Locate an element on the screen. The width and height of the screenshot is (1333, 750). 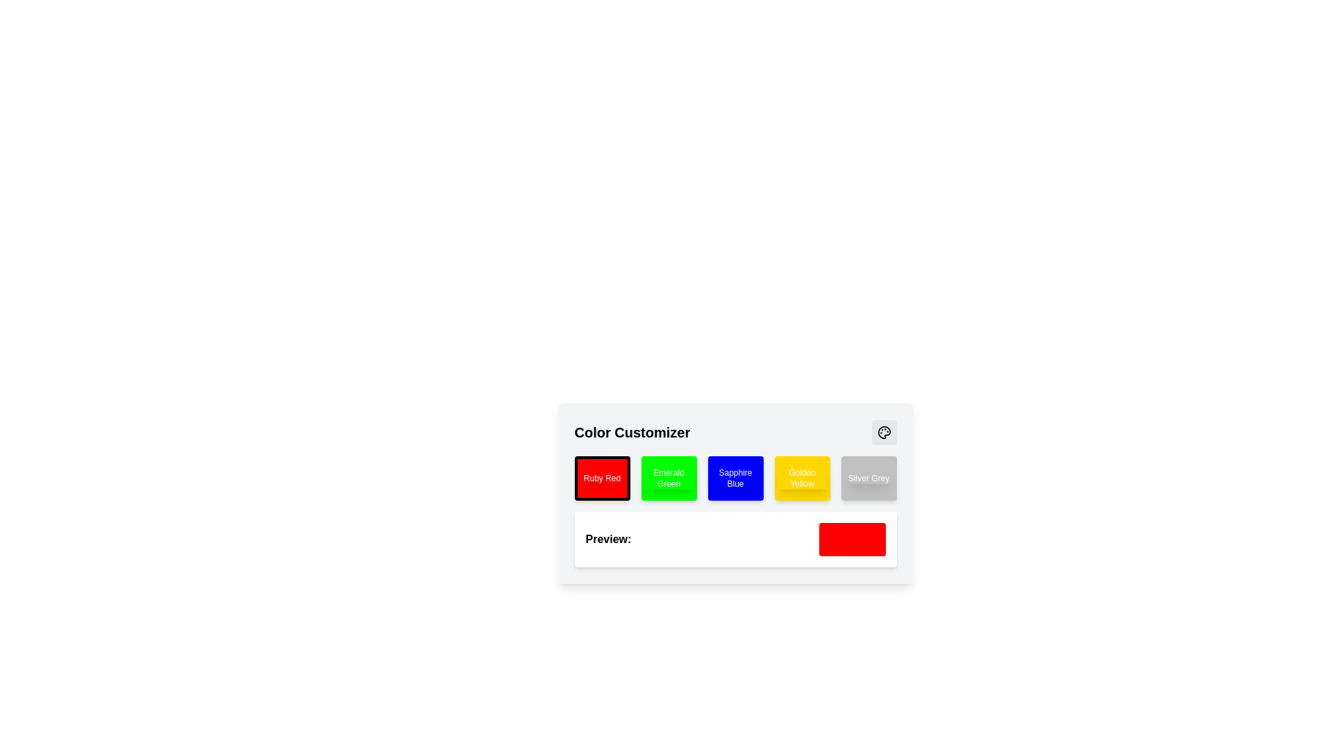
the Text Label that serves as the label for the 'Silver Grey' button in the Color Customizer interface is located at coordinates (868, 478).